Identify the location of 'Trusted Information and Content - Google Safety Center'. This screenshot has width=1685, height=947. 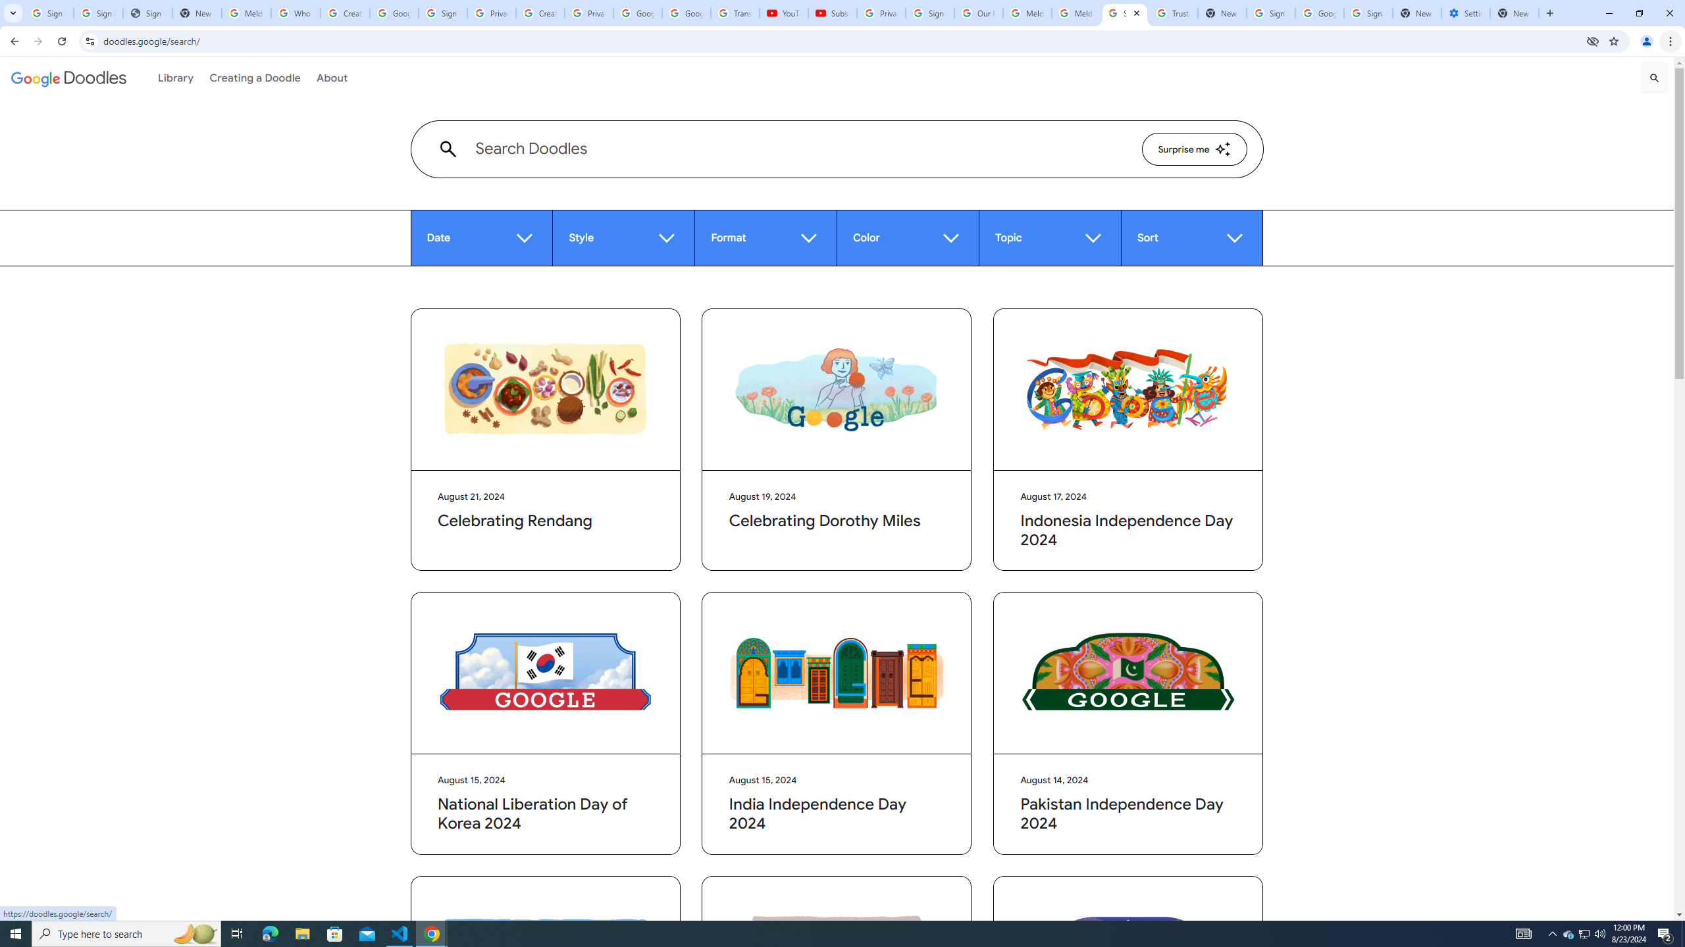
(1173, 12).